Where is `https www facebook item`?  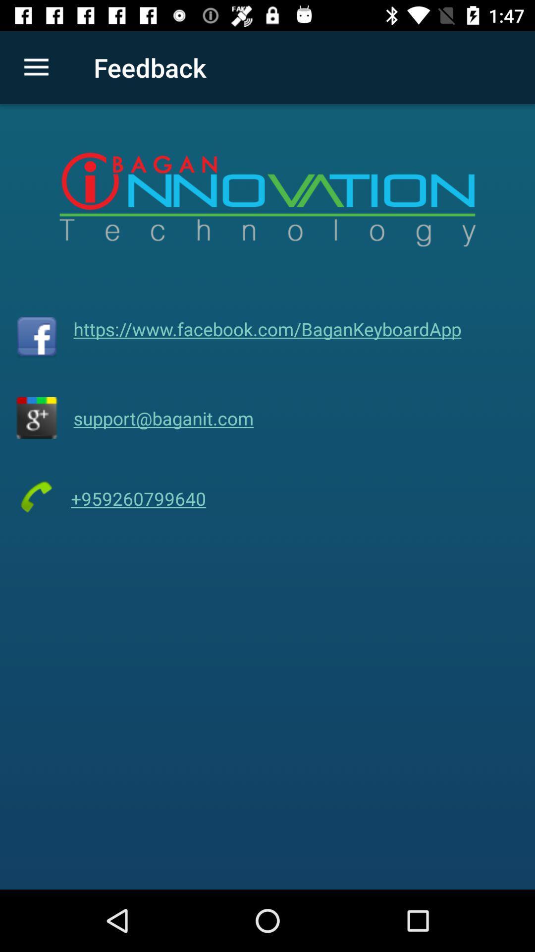
https www facebook item is located at coordinates (267, 329).